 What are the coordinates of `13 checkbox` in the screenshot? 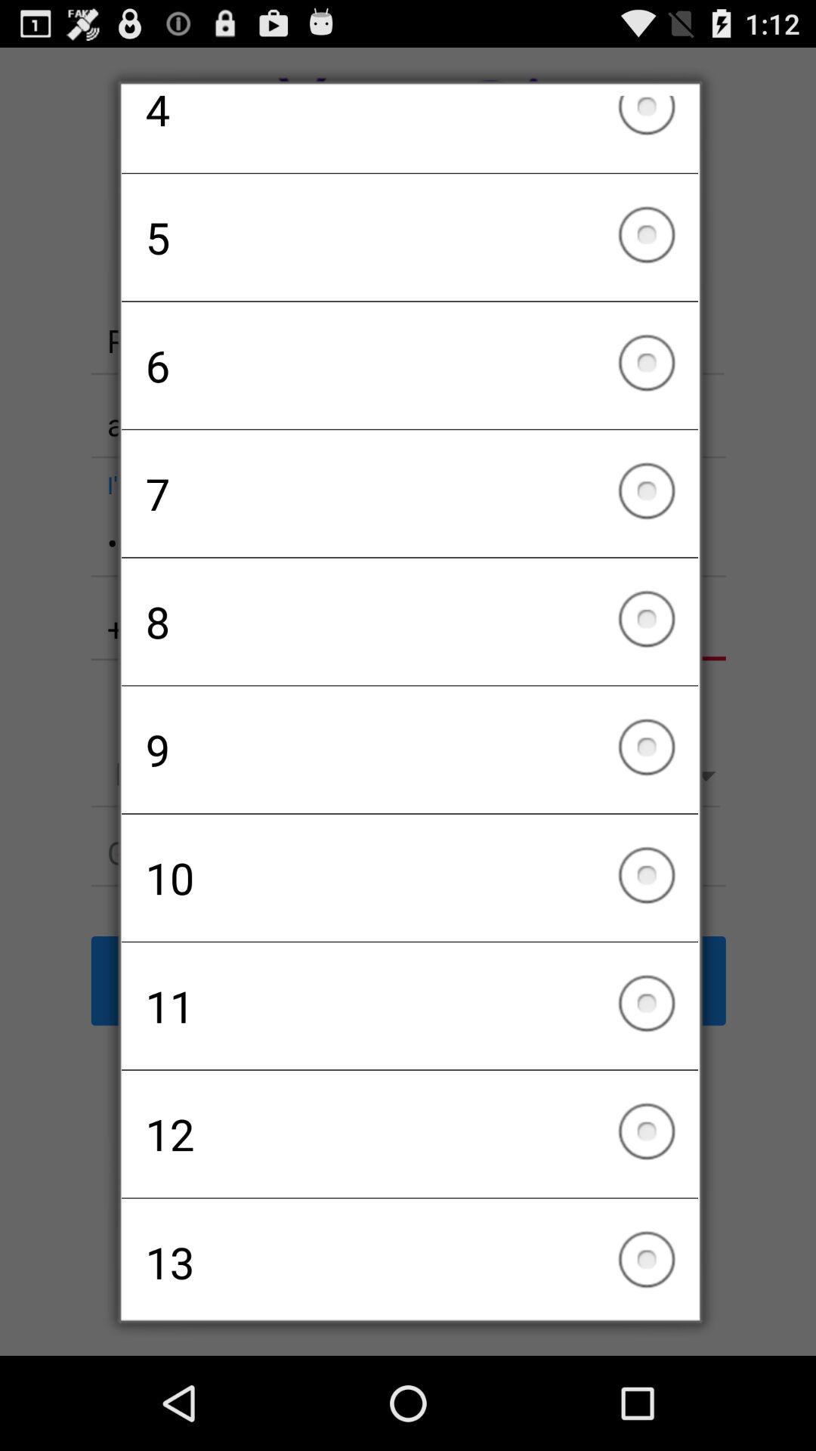 It's located at (410, 1254).